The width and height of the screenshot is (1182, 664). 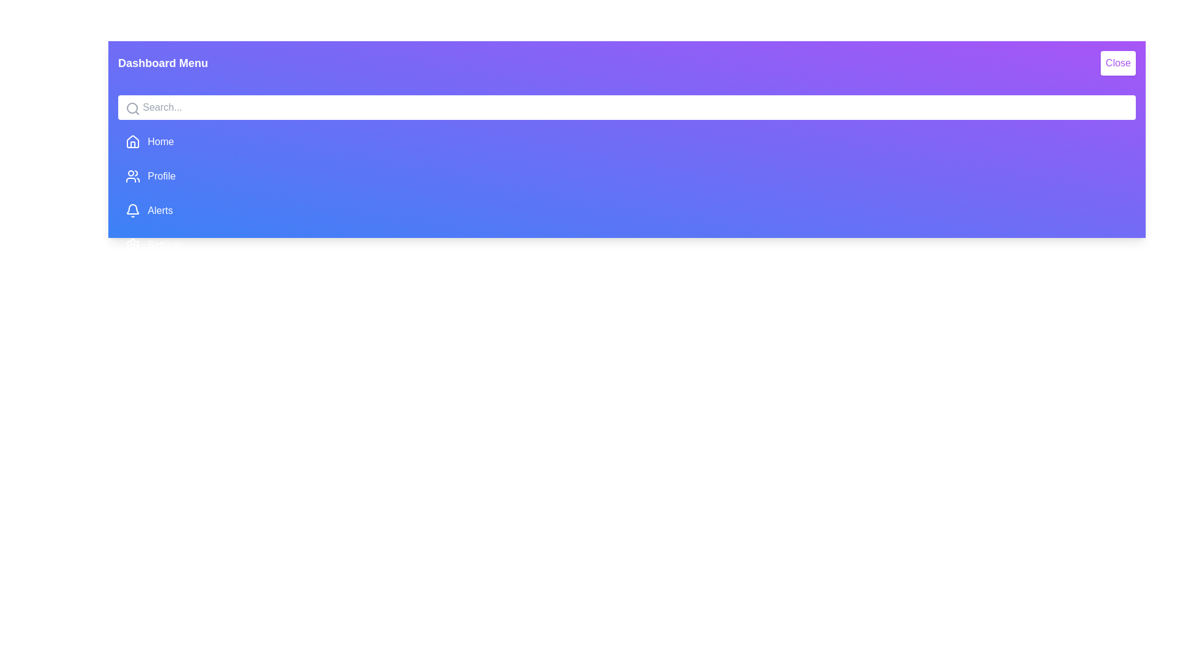 I want to click on the search icon located to the far left inside the search bar in the upper region of the sidebar, adjacent to the placeholder text 'Search...', so click(x=133, y=108).